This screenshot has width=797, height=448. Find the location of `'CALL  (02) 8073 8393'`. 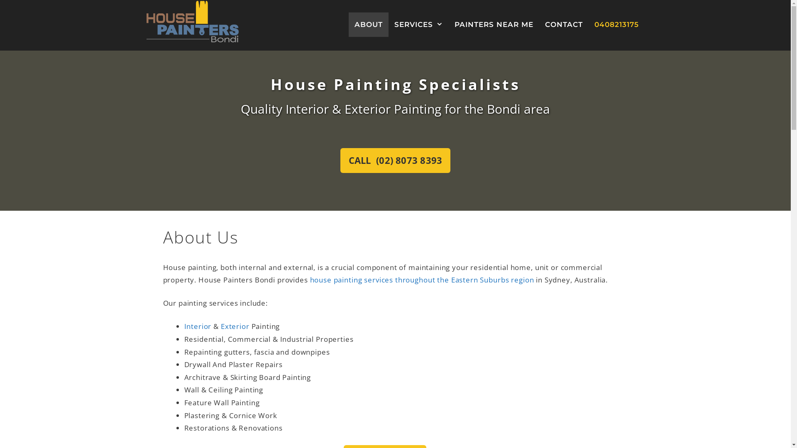

'CALL  (02) 8073 8393' is located at coordinates (395, 160).